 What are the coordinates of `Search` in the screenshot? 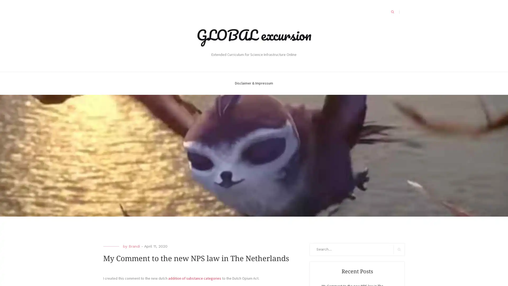 It's located at (399, 249).